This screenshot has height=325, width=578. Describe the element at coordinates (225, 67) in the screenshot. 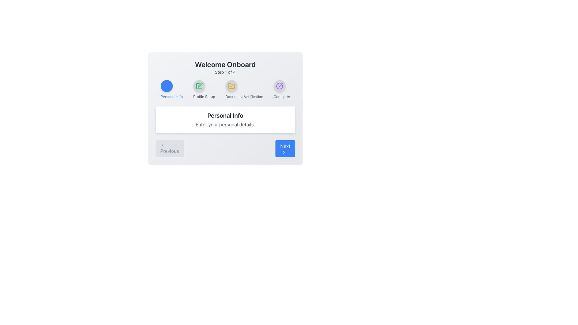

I see `the header text element that displays 'Welcome Onboard' and 'Step 1 of 4', which is located at the top-center of the card` at that location.